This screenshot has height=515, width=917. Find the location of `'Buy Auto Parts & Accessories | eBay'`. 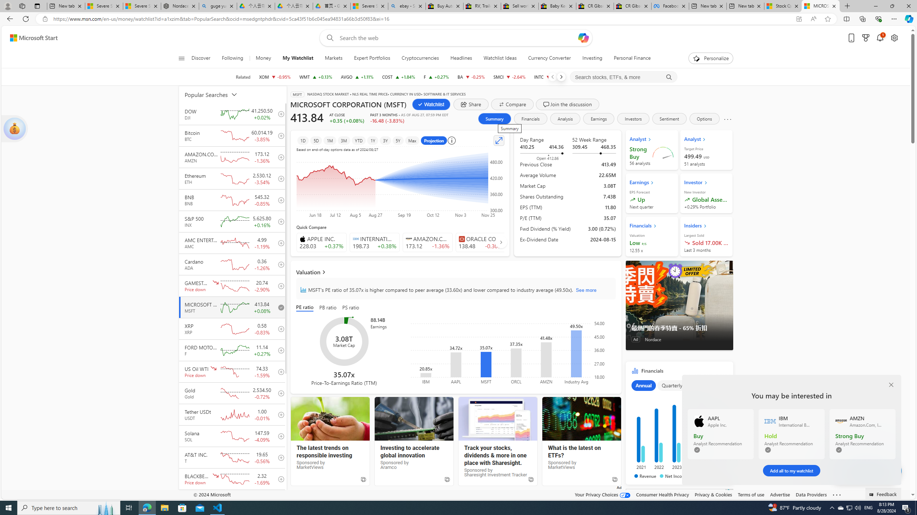

'Buy Auto Parts & Accessories | eBay' is located at coordinates (444, 6).